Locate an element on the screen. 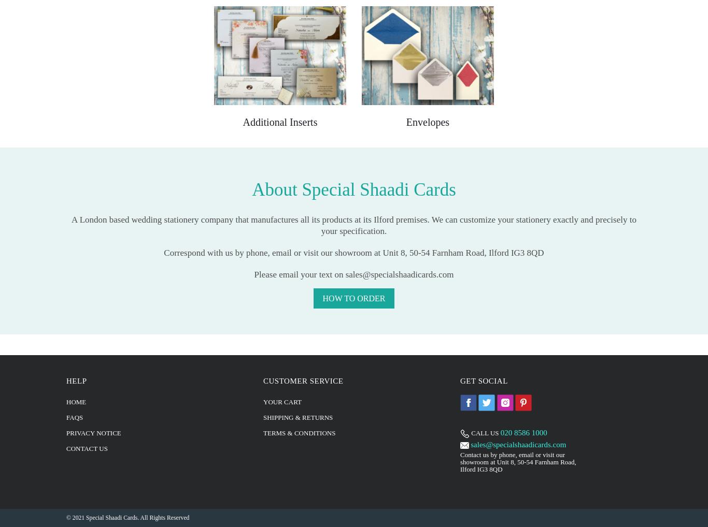 This screenshot has height=527, width=708. 'Help' is located at coordinates (65, 379).